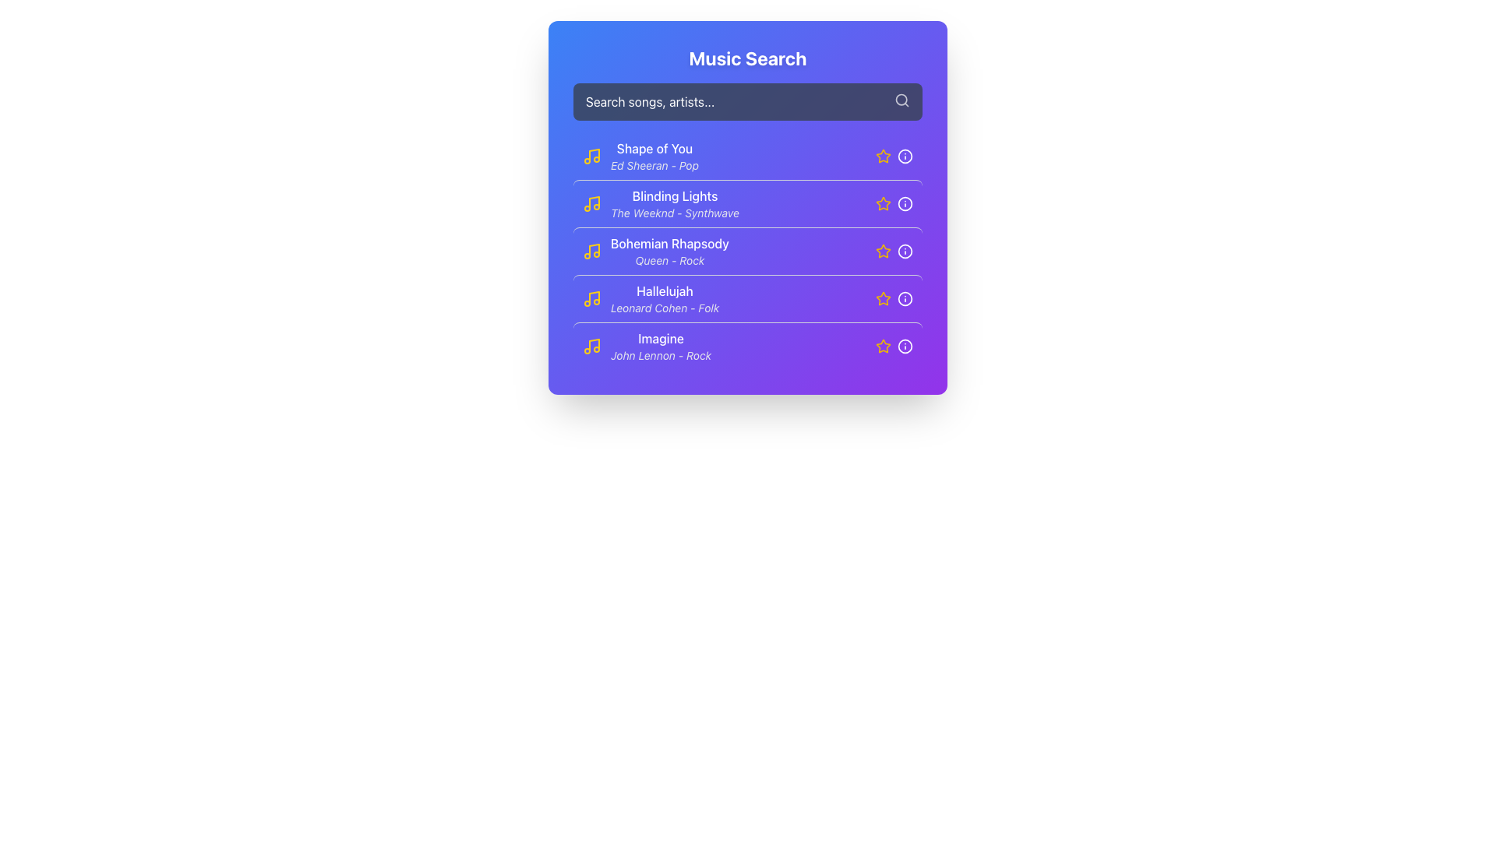 Image resolution: width=1496 pixels, height=841 pixels. What do you see at coordinates (883, 203) in the screenshot?
I see `the star icon to observe the color change, which indicates marking the associated song 'Blinding Lights' as a favorite` at bounding box center [883, 203].